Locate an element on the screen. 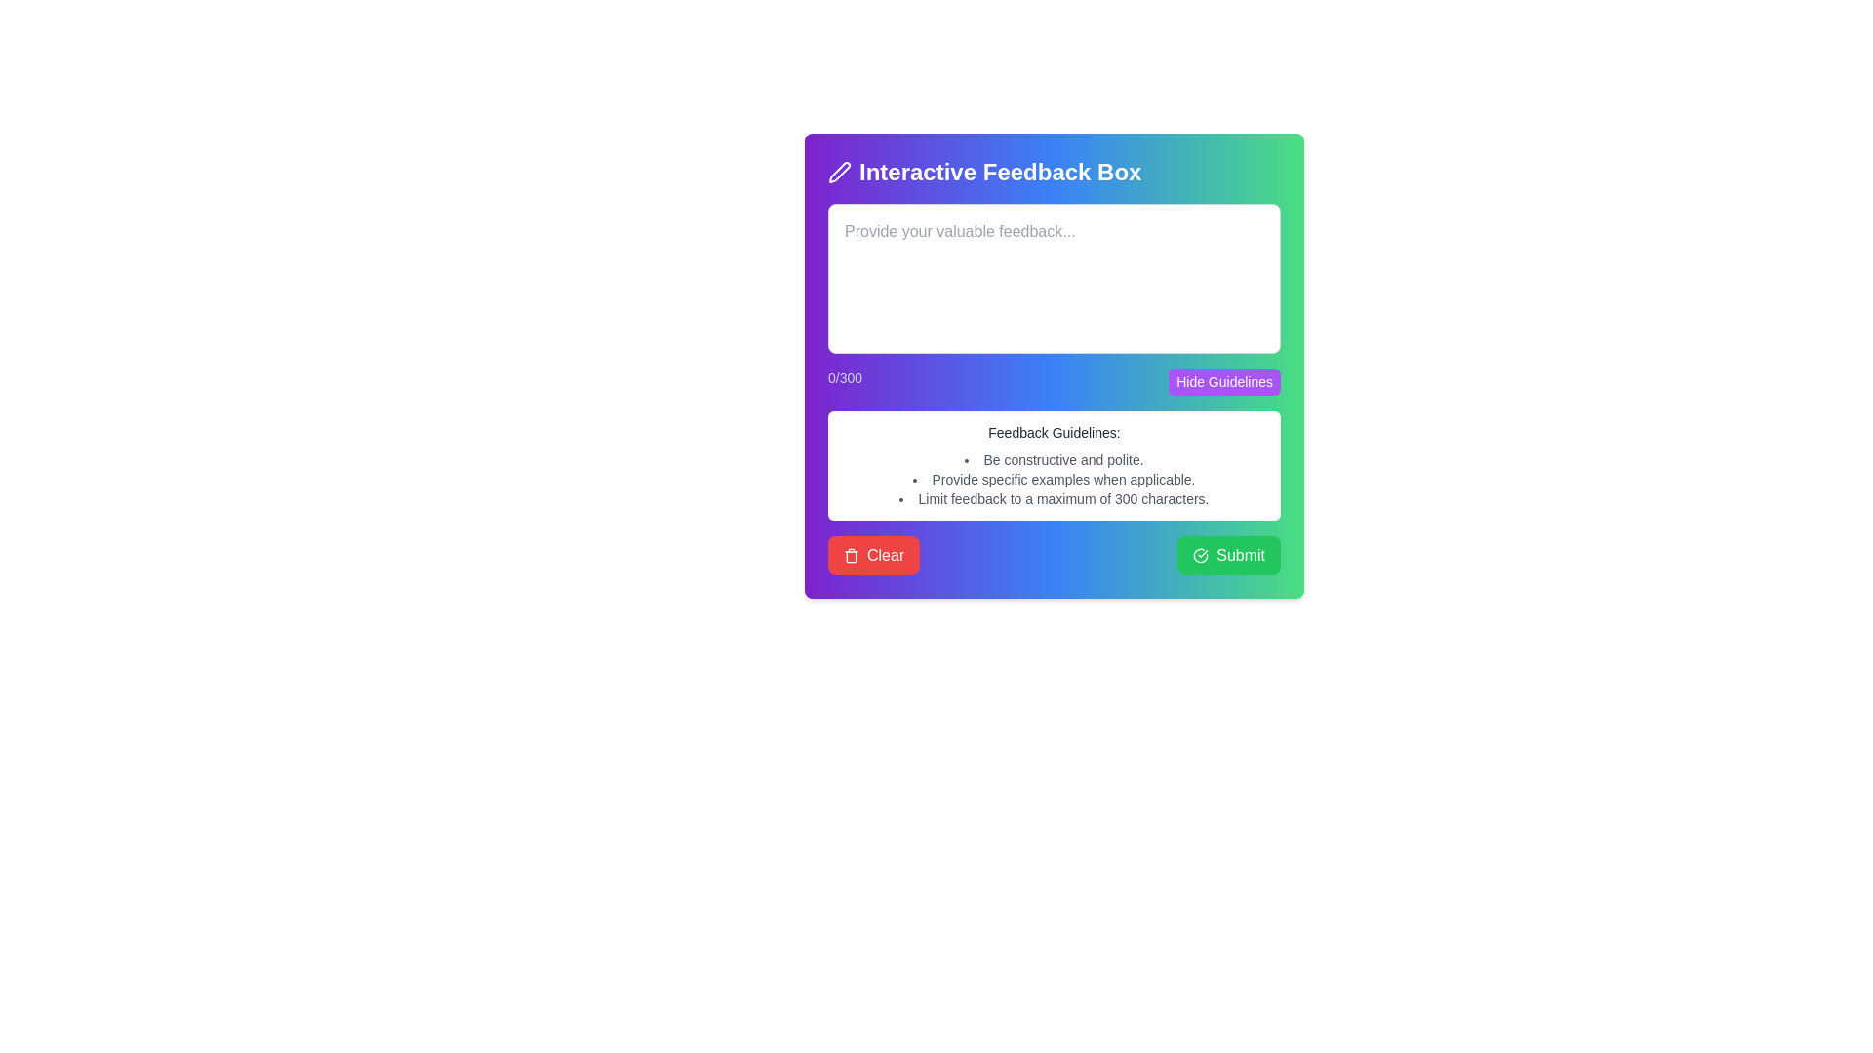 The width and height of the screenshot is (1873, 1053). guidelines for reference from the non-interactive, textual list element labeled 'Feedback Guidelines', which is centrally positioned below the multiline text input field is located at coordinates (1053, 480).